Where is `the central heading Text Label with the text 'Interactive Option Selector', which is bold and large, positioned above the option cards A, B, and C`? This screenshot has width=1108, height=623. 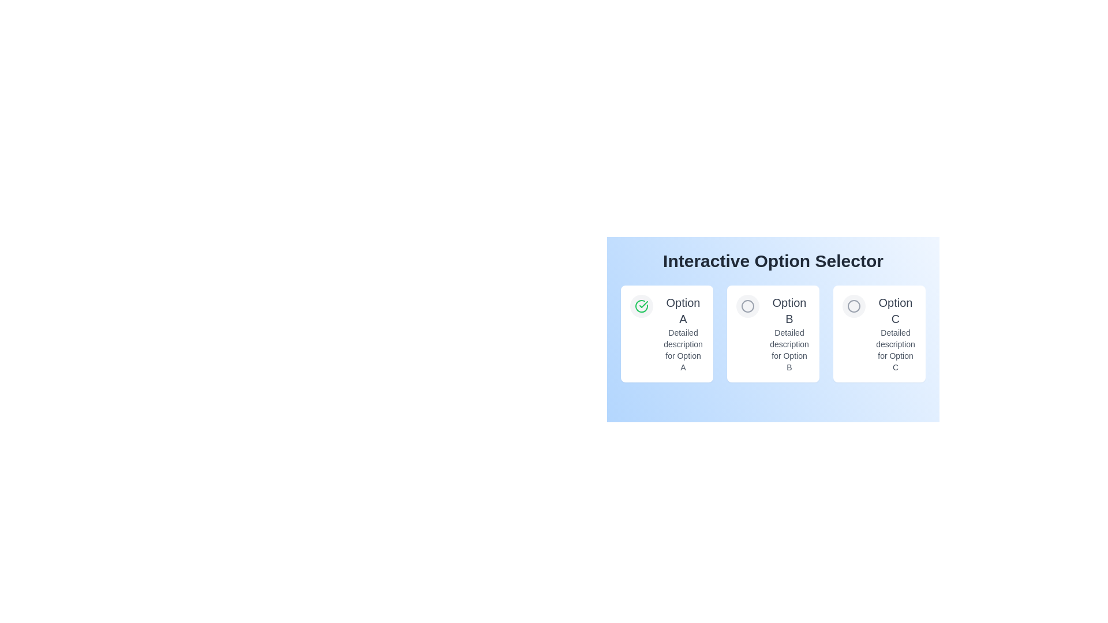 the central heading Text Label with the text 'Interactive Option Selector', which is bold and large, positioned above the option cards A, B, and C is located at coordinates (773, 261).